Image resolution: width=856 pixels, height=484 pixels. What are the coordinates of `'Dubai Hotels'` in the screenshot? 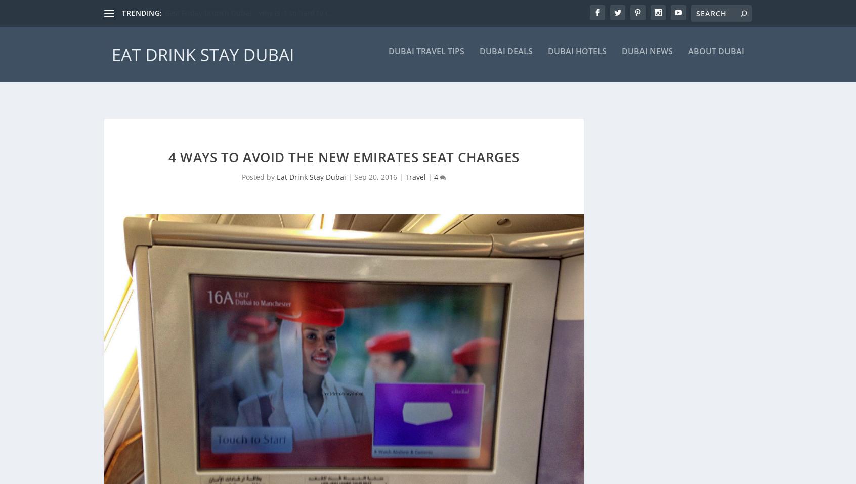 It's located at (576, 58).